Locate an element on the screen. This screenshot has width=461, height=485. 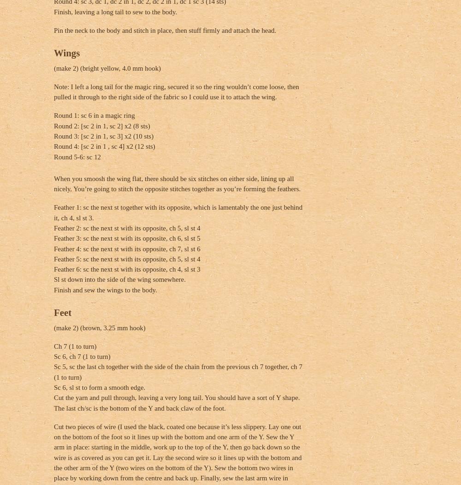
'Feather 3: sc the next st with its opposite, ch 6, sl st 5' is located at coordinates (127, 237).